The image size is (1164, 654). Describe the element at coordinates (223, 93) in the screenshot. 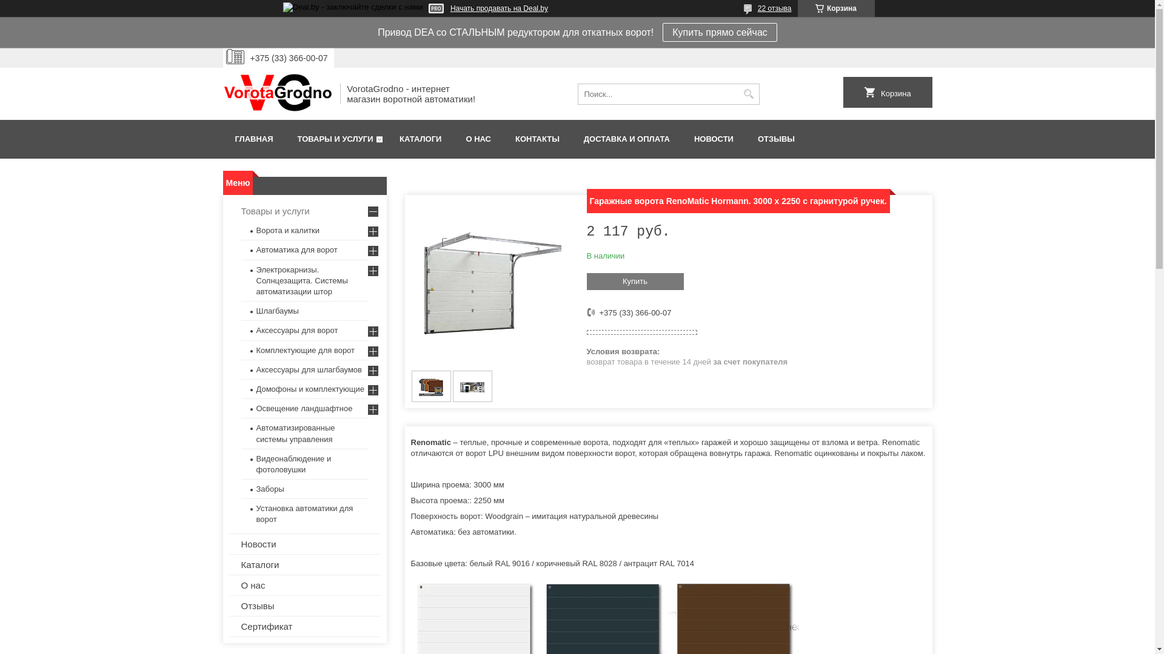

I see `'VorotaGrodno'` at that location.